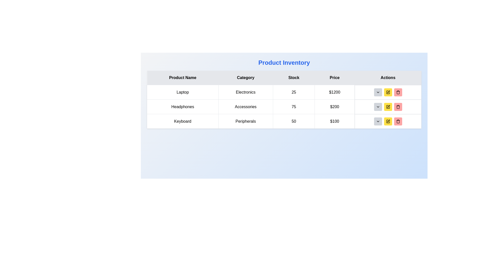  Describe the element at coordinates (388, 121) in the screenshot. I see `keyboard navigation` at that location.